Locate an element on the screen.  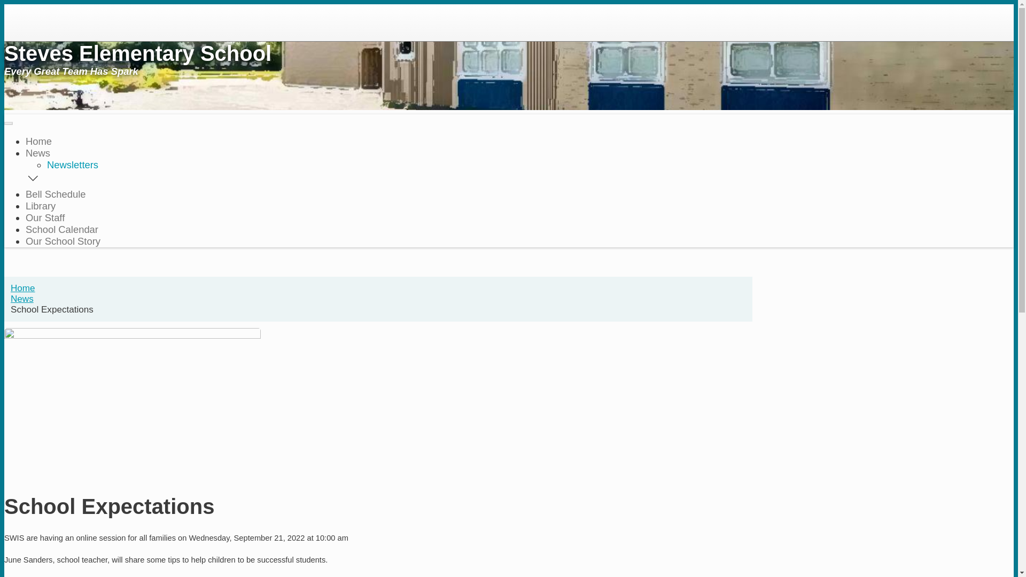
'Our School Story' is located at coordinates (63, 241).